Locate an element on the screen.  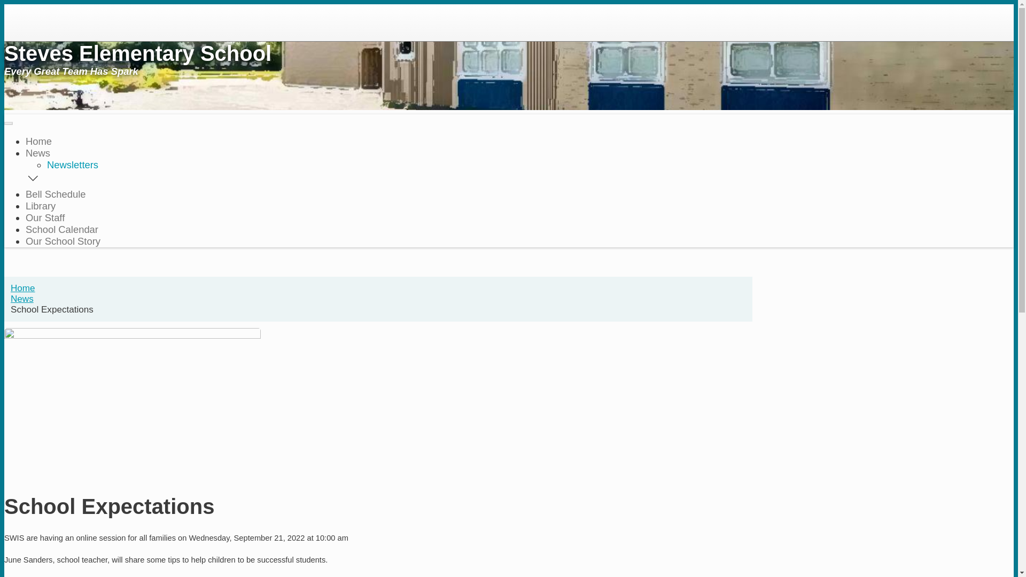
'Our School Story' is located at coordinates (63, 241).